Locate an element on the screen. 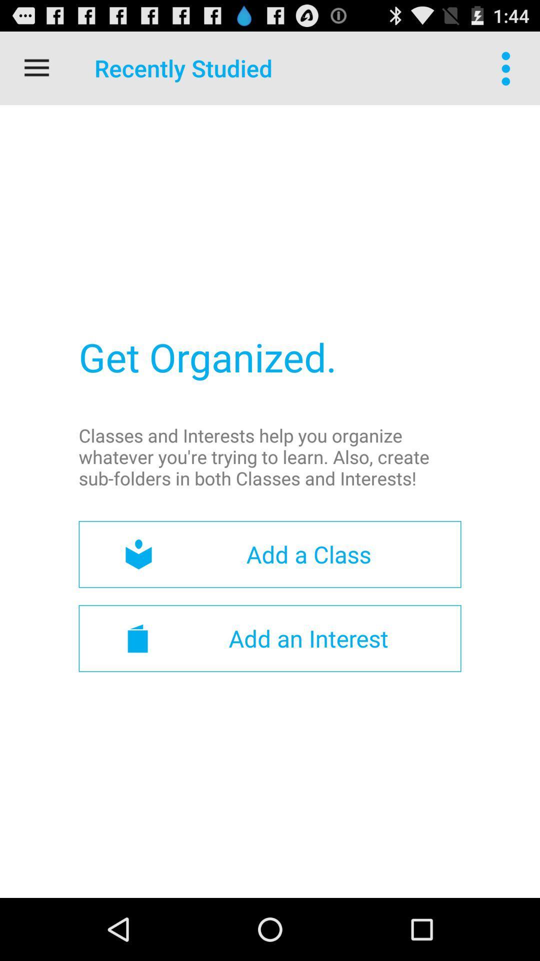 The image size is (540, 961). the item above the add an interest item is located at coordinates (270, 554).